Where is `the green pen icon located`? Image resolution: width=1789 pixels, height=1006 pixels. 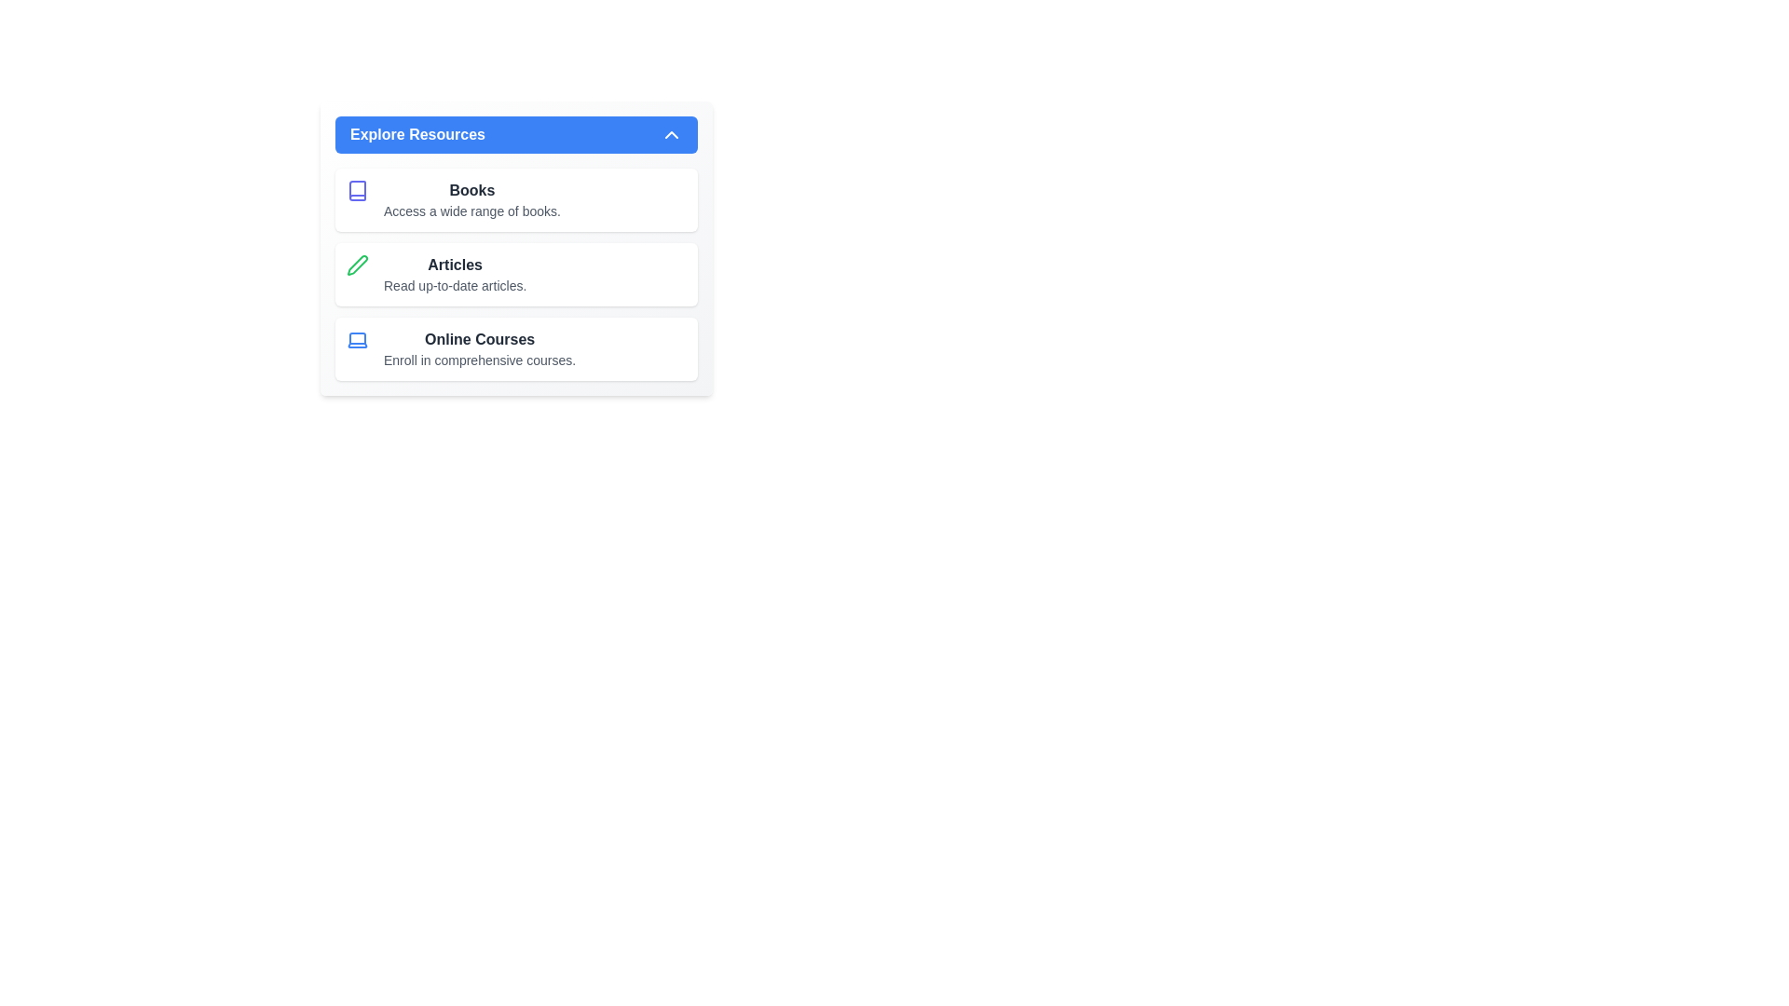 the green pen icon located is located at coordinates (358, 265).